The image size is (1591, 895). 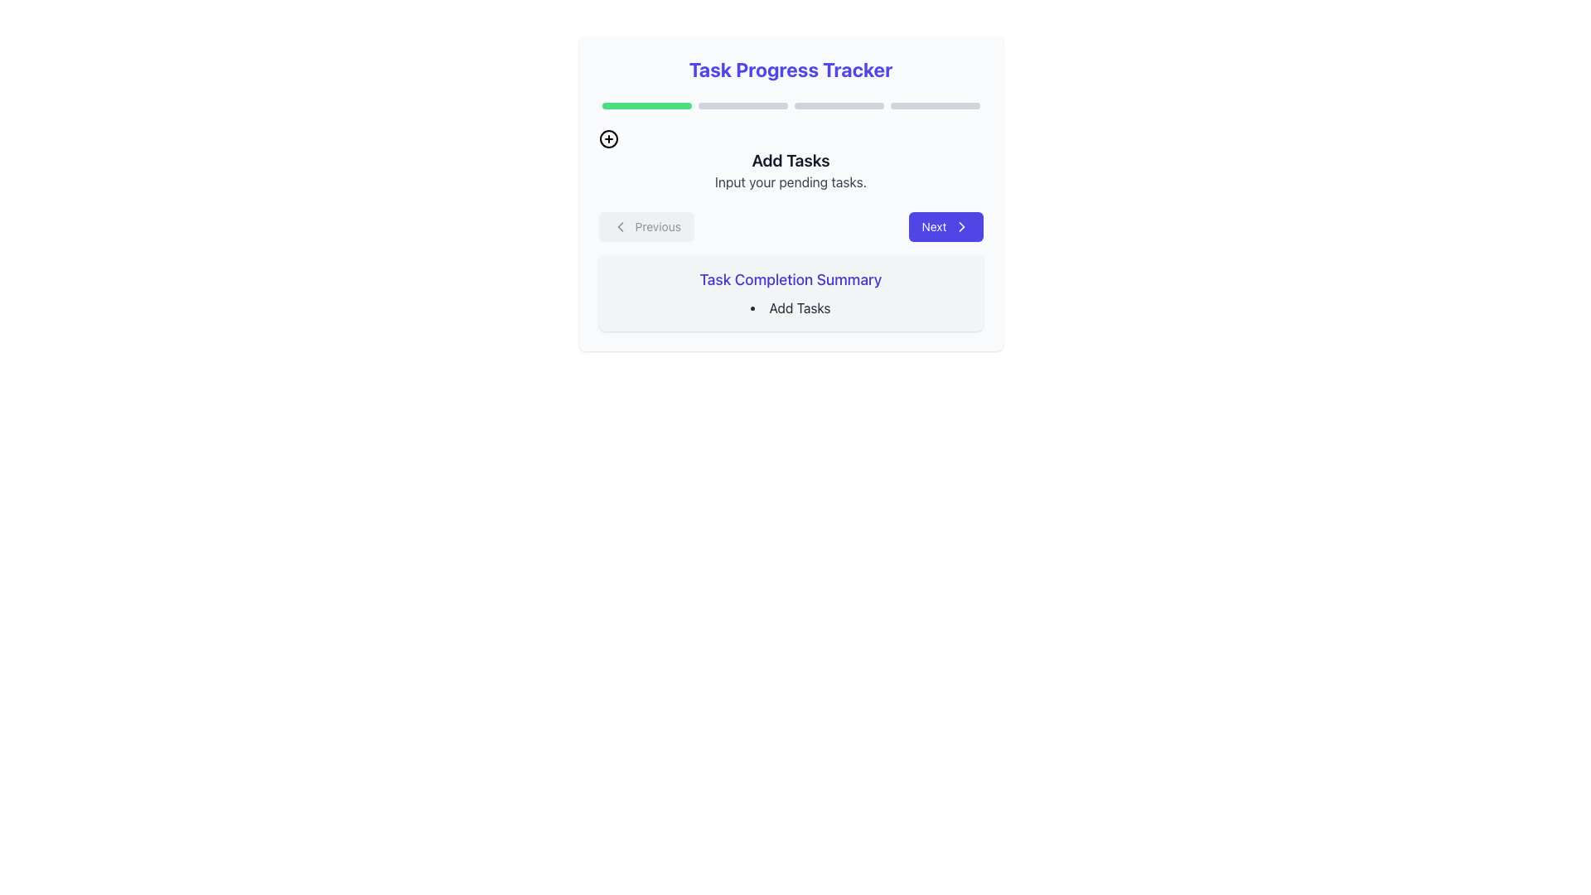 I want to click on the 'Next' button, which contains the chevron icon indicating navigation to the next step or page, located below the central text area, so click(x=961, y=226).